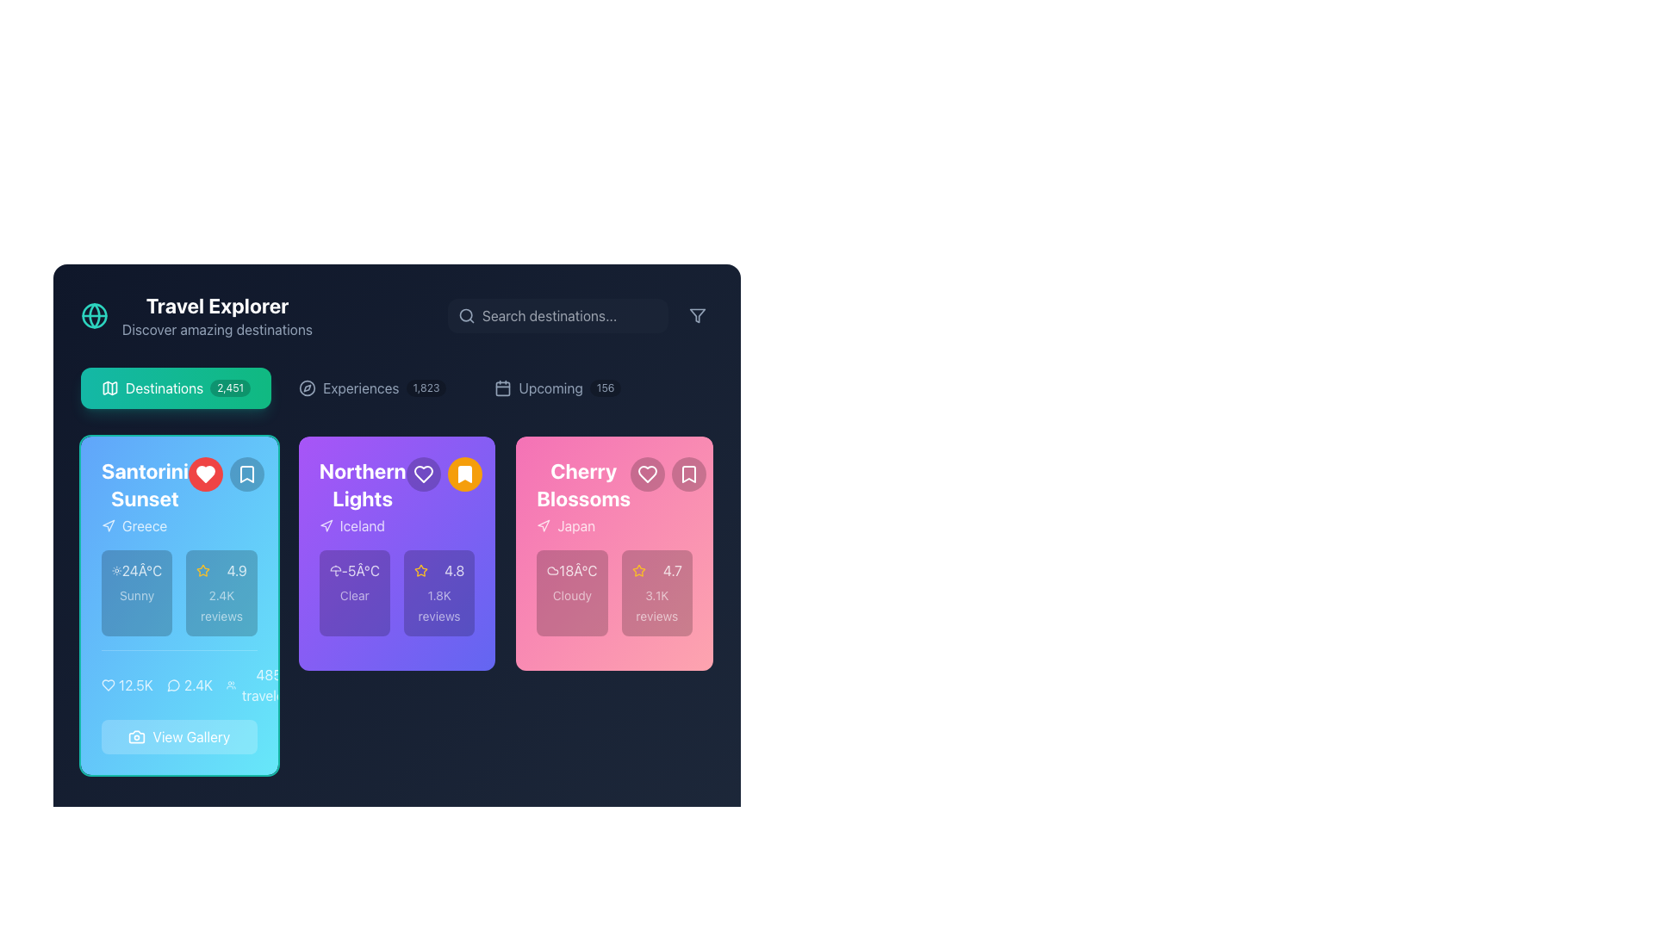  What do you see at coordinates (671, 571) in the screenshot?
I see `the text label displaying the rating '4.7' in white font located beside the star icon within the pink-themed card titled 'Cherry Blossoms'` at bounding box center [671, 571].